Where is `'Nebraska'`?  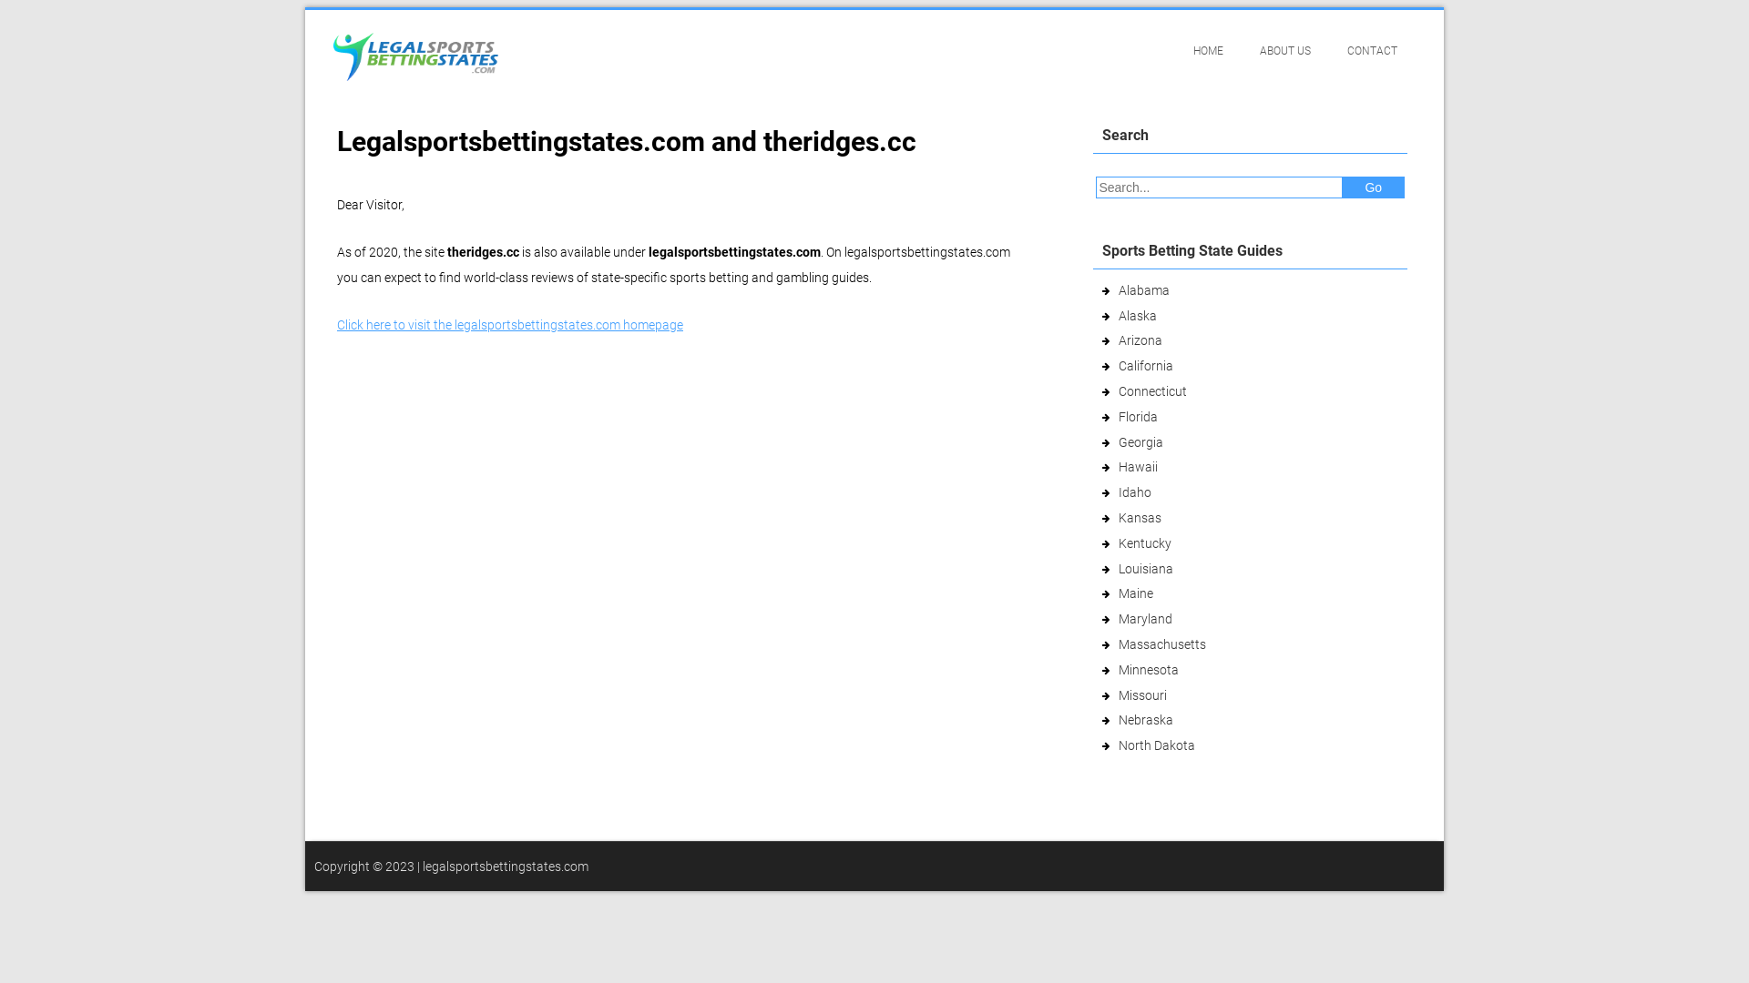
'Nebraska' is located at coordinates (1144, 718).